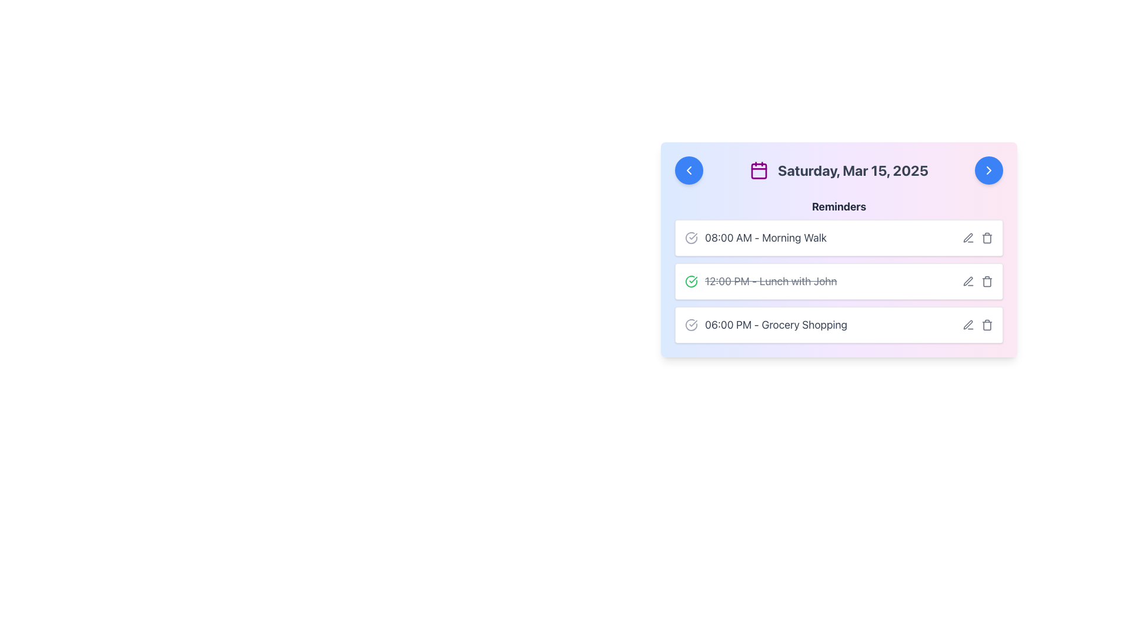 Image resolution: width=1129 pixels, height=635 pixels. I want to click on the Text label that serves as the title for the reminder list, located at the top of the list just below the date header, so click(838, 206).